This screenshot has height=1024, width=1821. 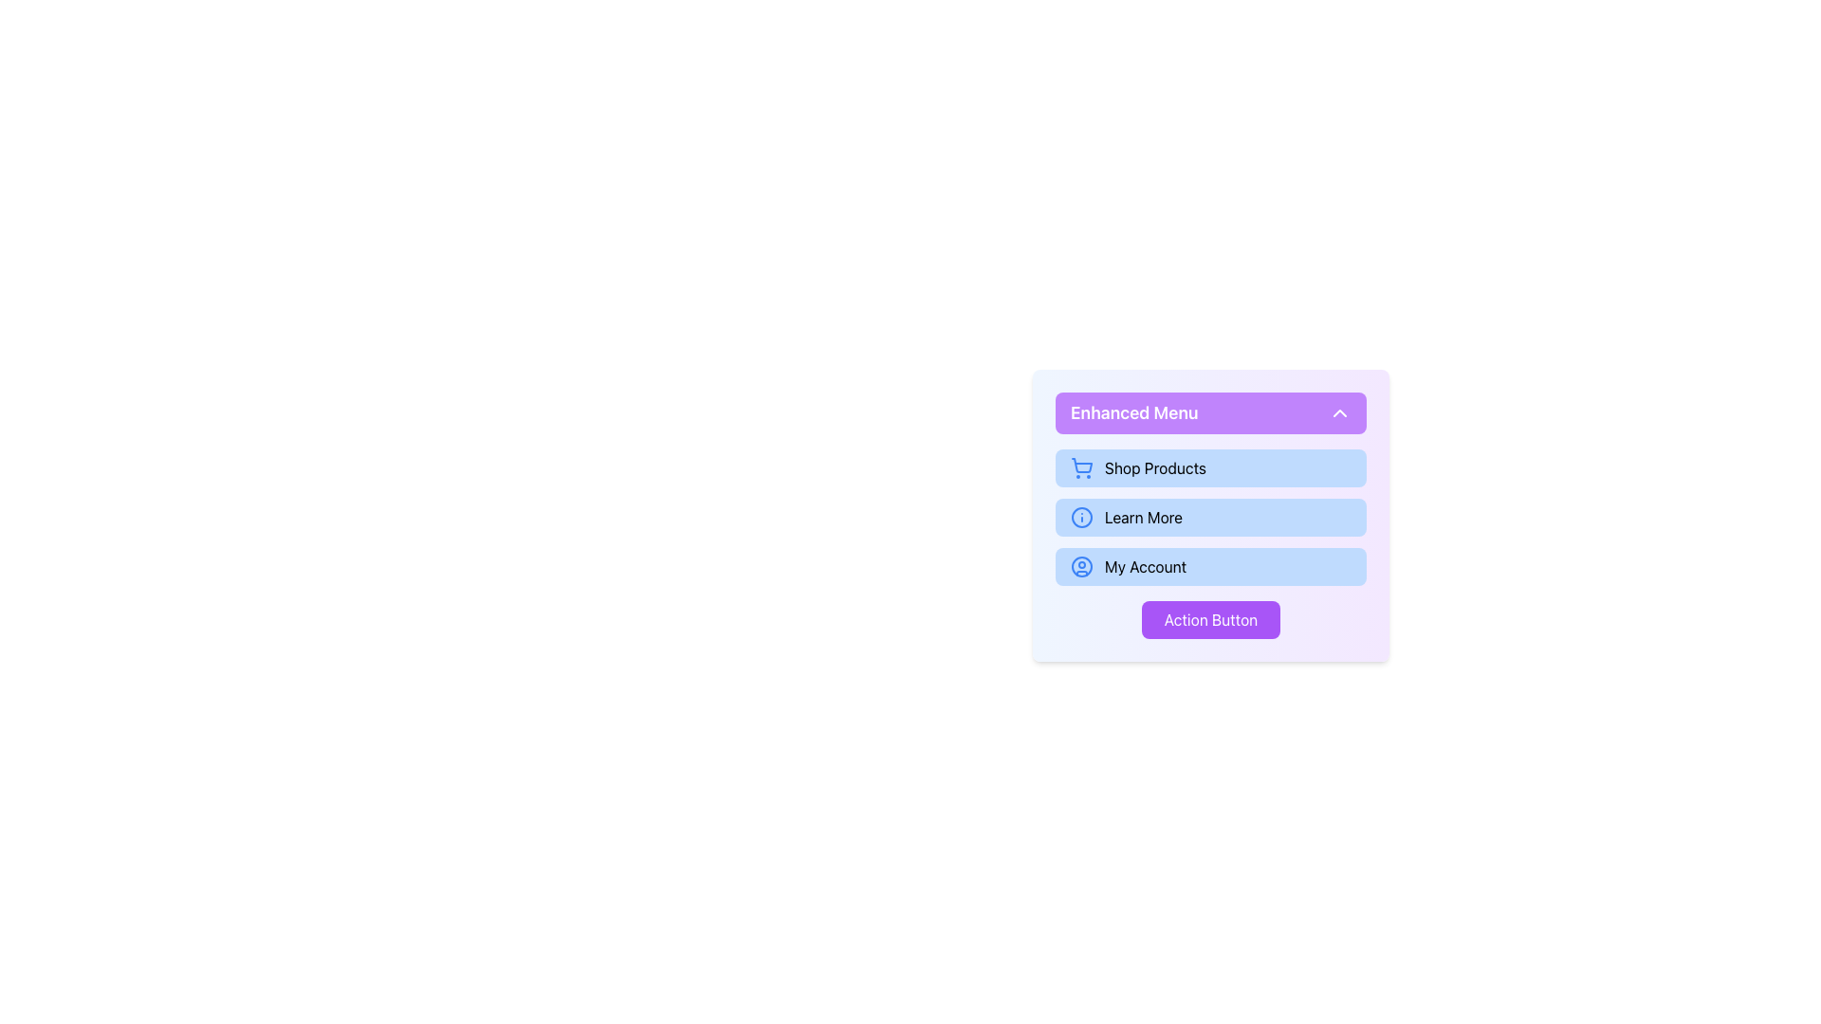 I want to click on the 'Action Button' with a vibrant purple background, which is located at the bottom of the 'Enhanced Menu' card among its siblings, so click(x=1209, y=620).